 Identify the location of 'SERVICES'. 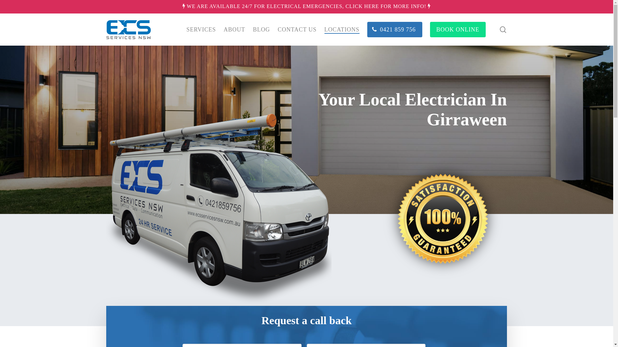
(201, 30).